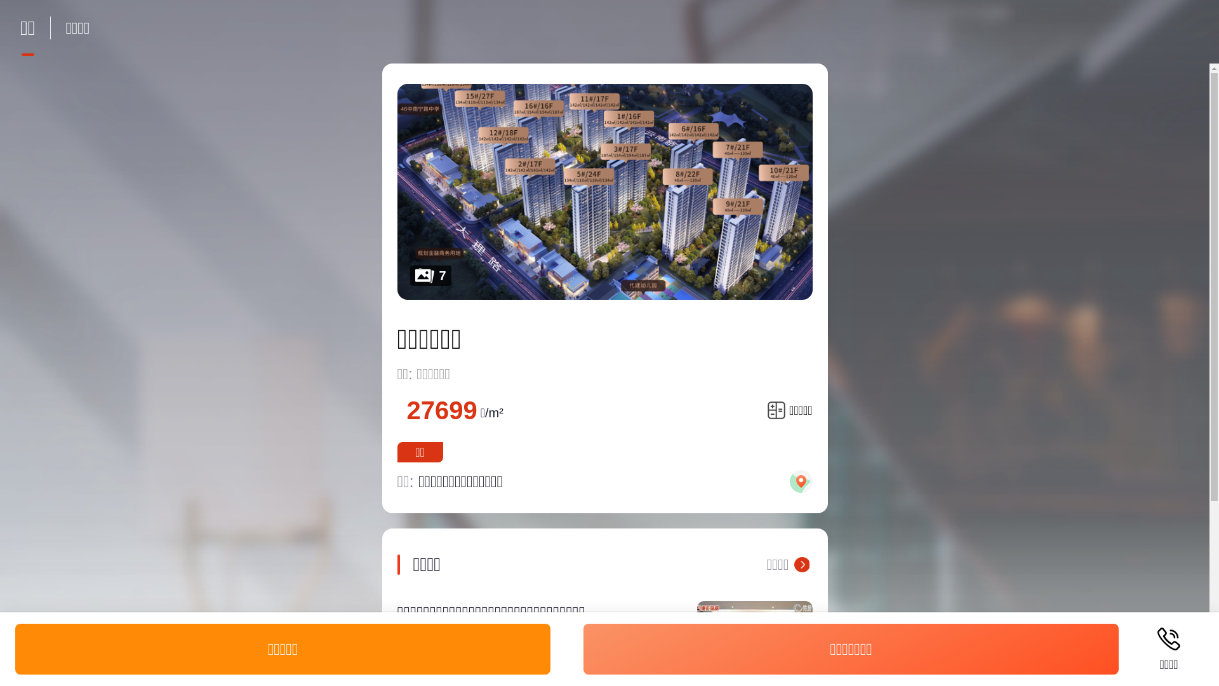 Image resolution: width=1219 pixels, height=686 pixels. I want to click on '7', so click(604, 191).